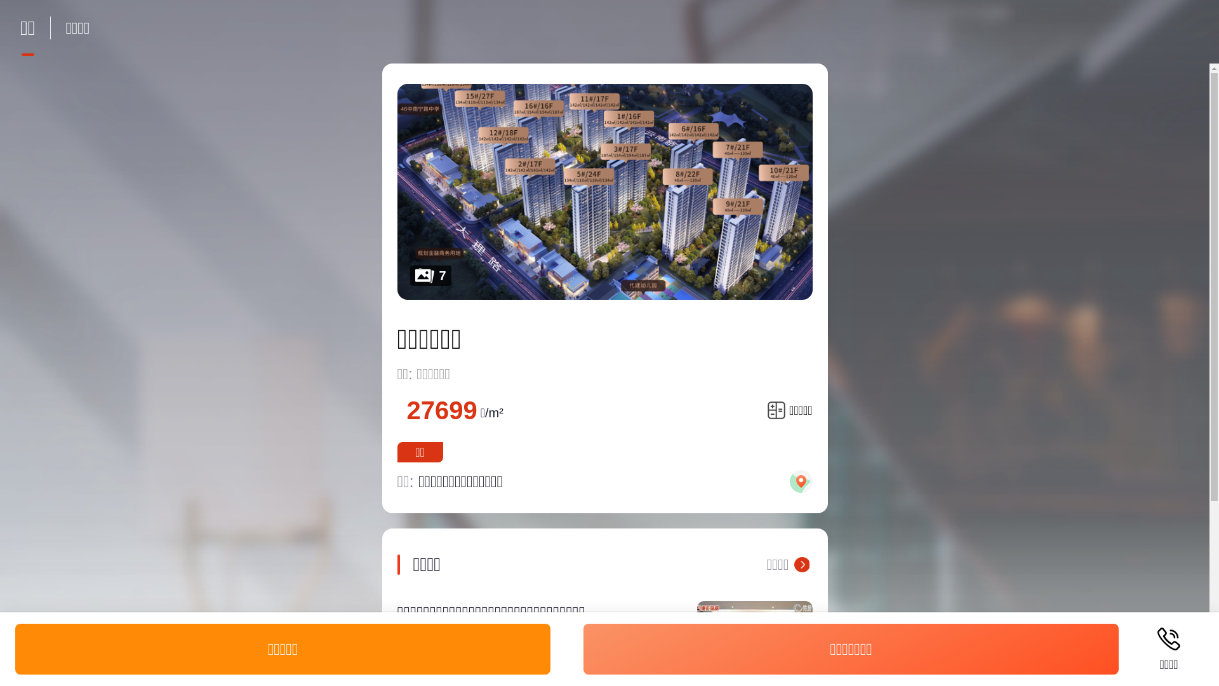 Image resolution: width=1219 pixels, height=686 pixels. I want to click on '7', so click(604, 191).